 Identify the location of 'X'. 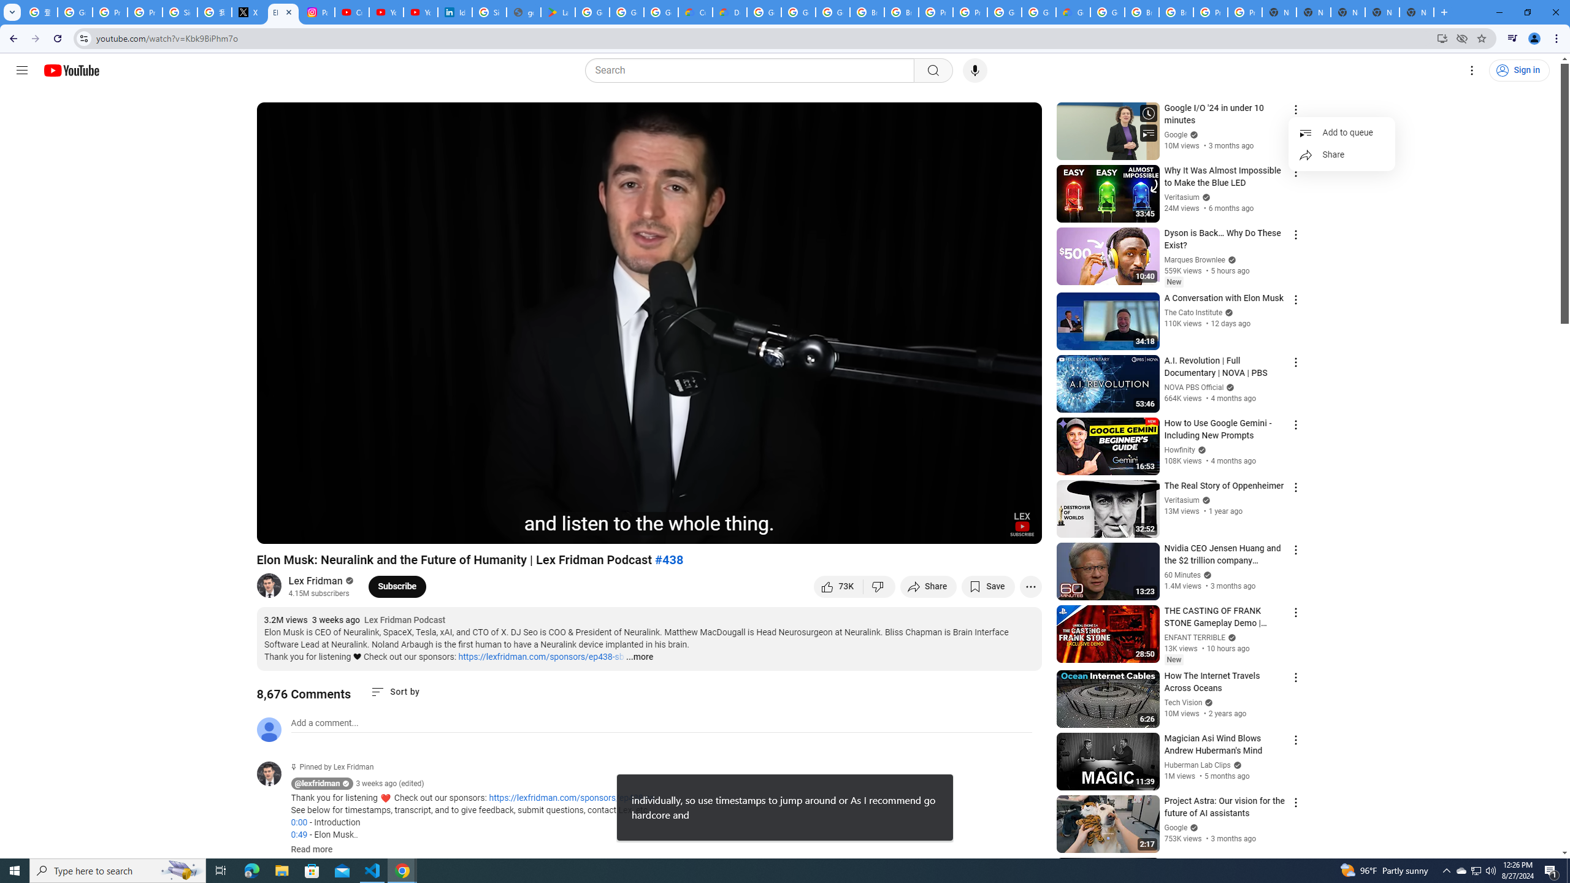
(248, 12).